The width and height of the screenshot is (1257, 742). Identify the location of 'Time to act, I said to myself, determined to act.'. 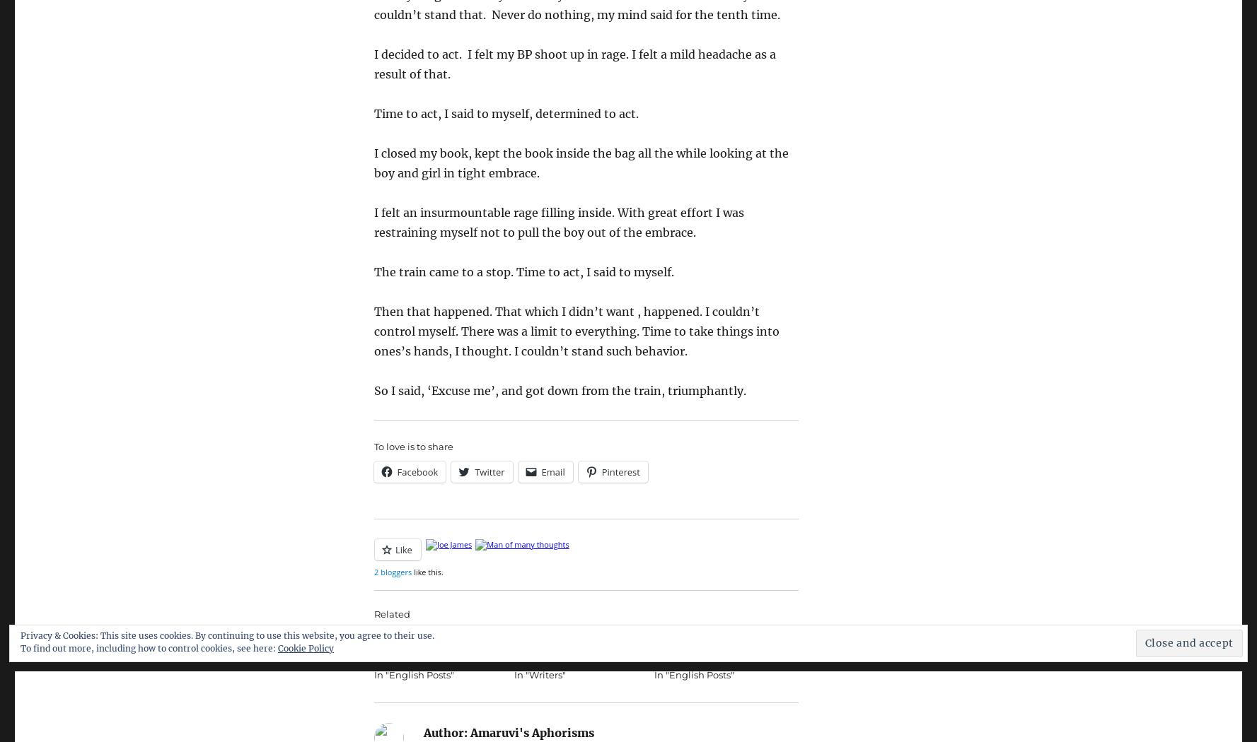
(373, 113).